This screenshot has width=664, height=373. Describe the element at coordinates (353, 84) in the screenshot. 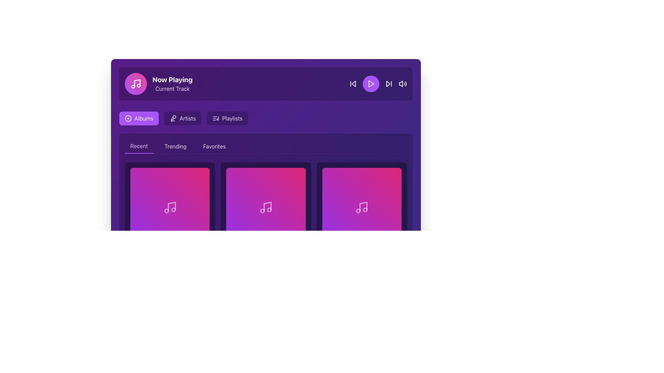

I see `the backwards skipping icon button, which is white against a dark purple background and located near the top-right corner of the interface` at that location.